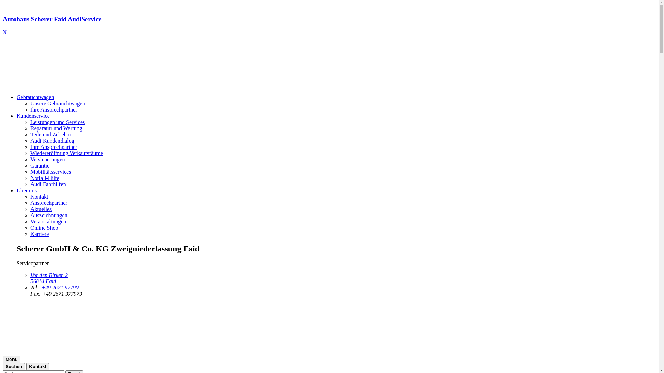  I want to click on 'Ansprechpartner', so click(48, 202).